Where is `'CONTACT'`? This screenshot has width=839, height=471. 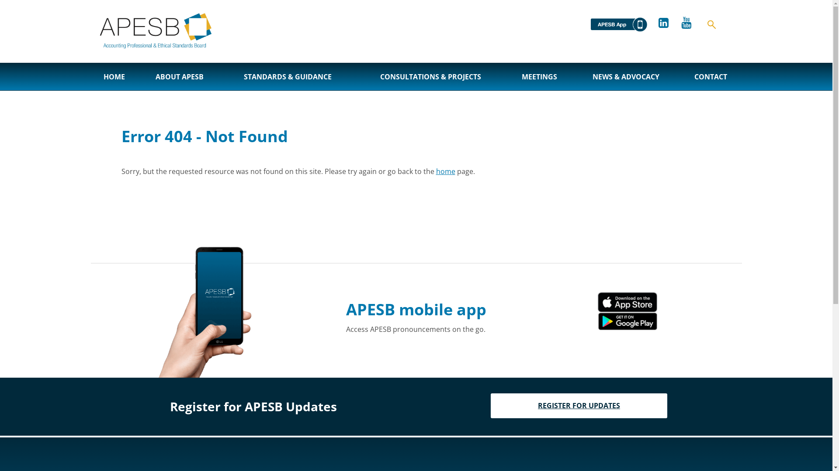
'CONTACT' is located at coordinates (711, 76).